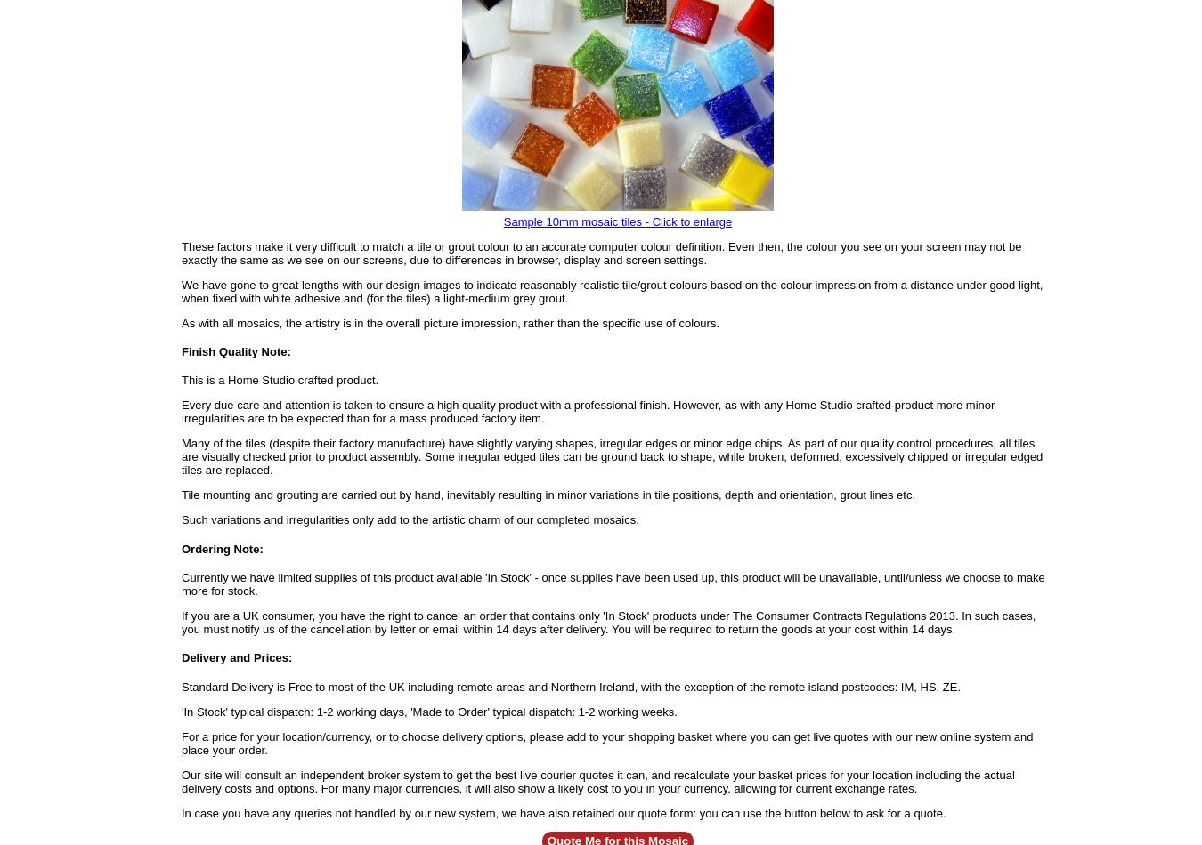  I want to click on 'In case you have any queries not handled by our new system, we have also retained our quote form: you can use the button below to ask for a quote.', so click(564, 811).